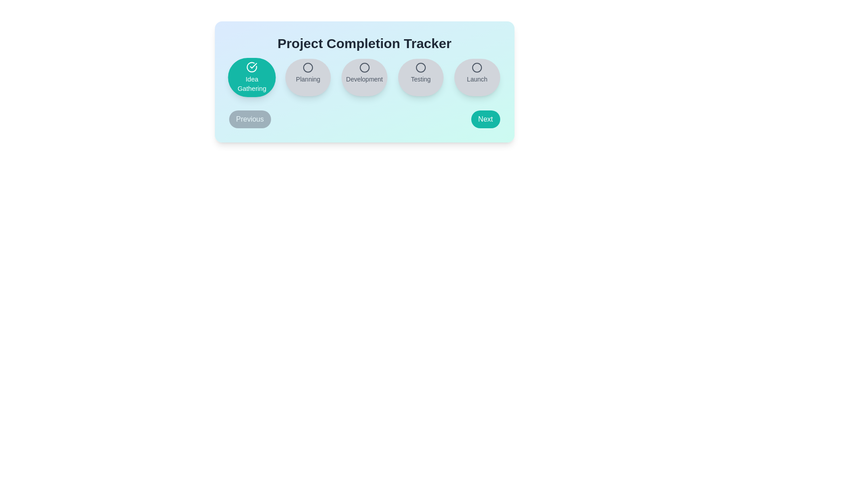 The width and height of the screenshot is (856, 481). What do you see at coordinates (364, 67) in the screenshot?
I see `the status indicated by the circular outline icon representing the 'Development' step in the project tracker, positioned third from the left` at bounding box center [364, 67].